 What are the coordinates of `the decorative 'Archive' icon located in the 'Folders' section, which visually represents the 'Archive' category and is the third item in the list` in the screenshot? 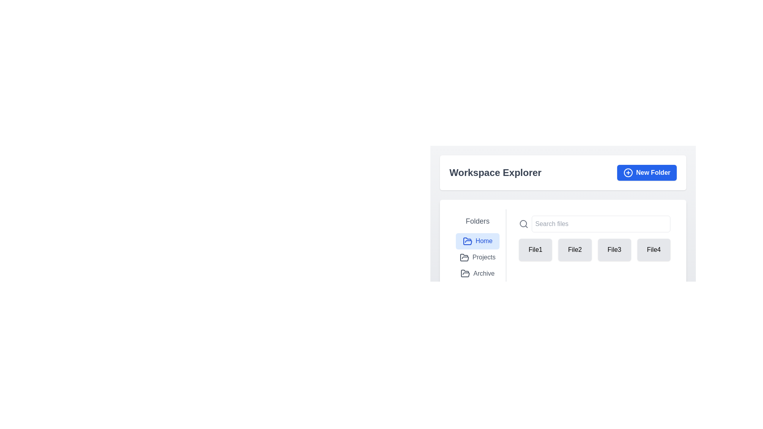 It's located at (465, 273).